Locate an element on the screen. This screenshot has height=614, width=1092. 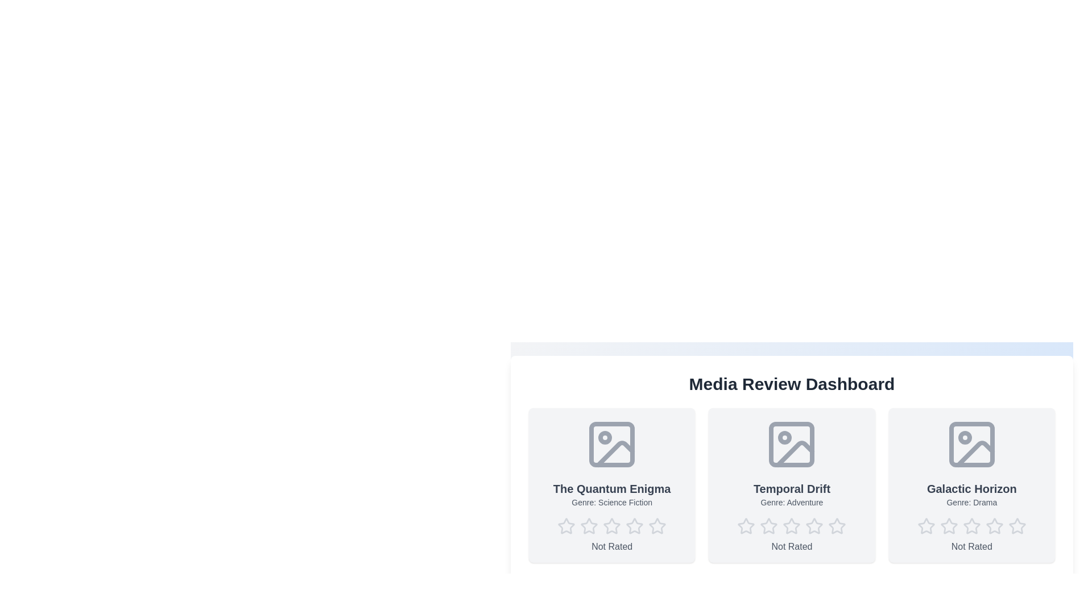
the media card for Temporal Drift is located at coordinates (791, 485).